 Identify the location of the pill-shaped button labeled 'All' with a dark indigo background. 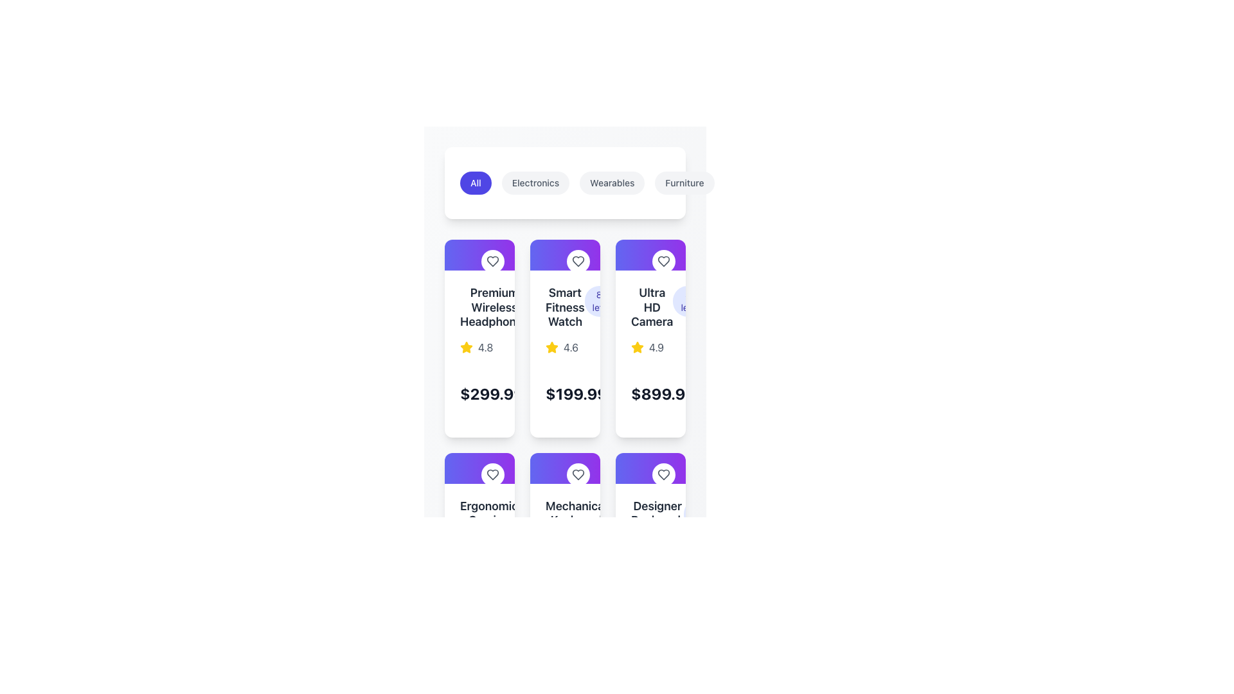
(475, 183).